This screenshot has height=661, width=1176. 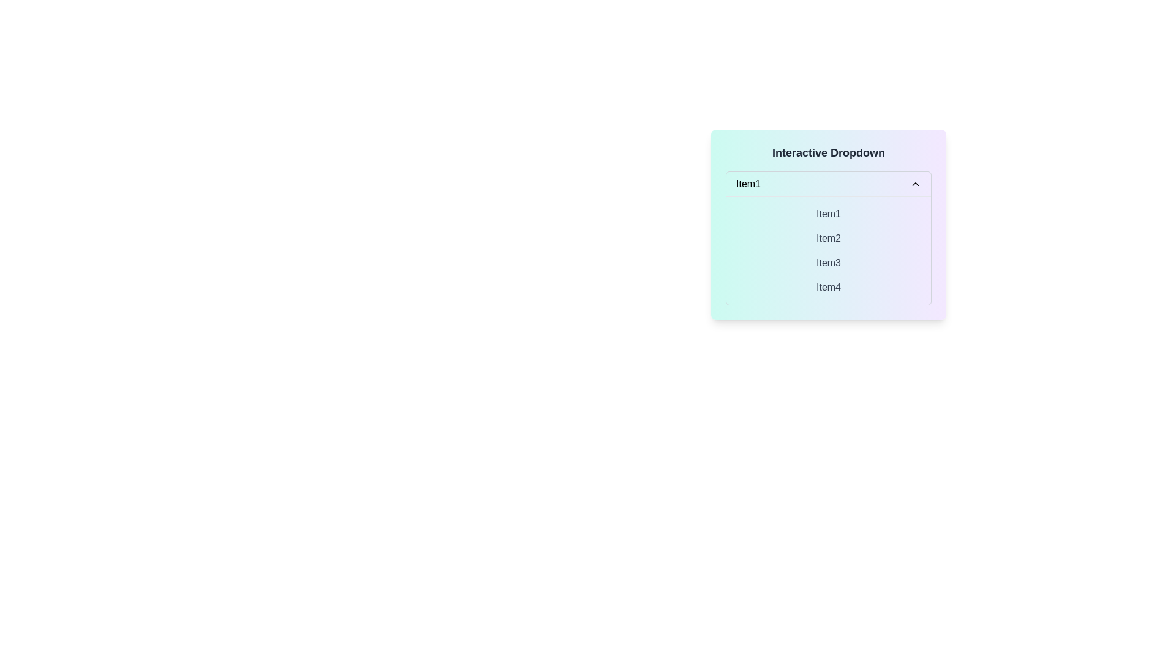 I want to click on the Dropdown Selector located below the title 'Interactive Dropdown', so click(x=829, y=184).